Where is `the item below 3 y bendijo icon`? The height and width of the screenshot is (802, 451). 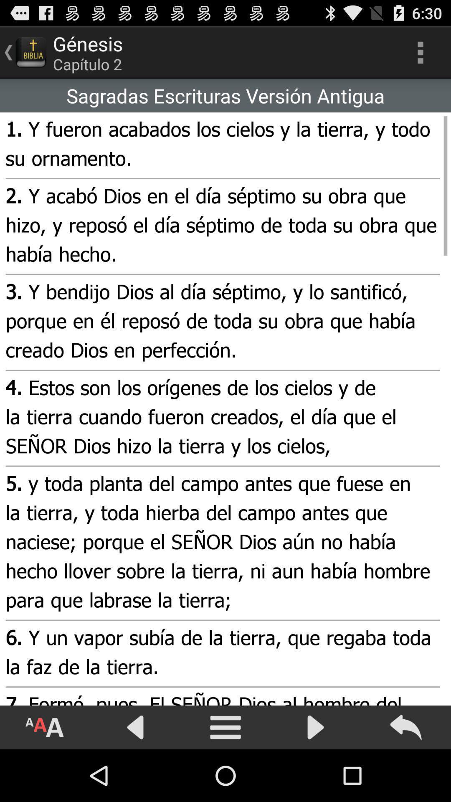 the item below 3 y bendijo icon is located at coordinates (221, 418).